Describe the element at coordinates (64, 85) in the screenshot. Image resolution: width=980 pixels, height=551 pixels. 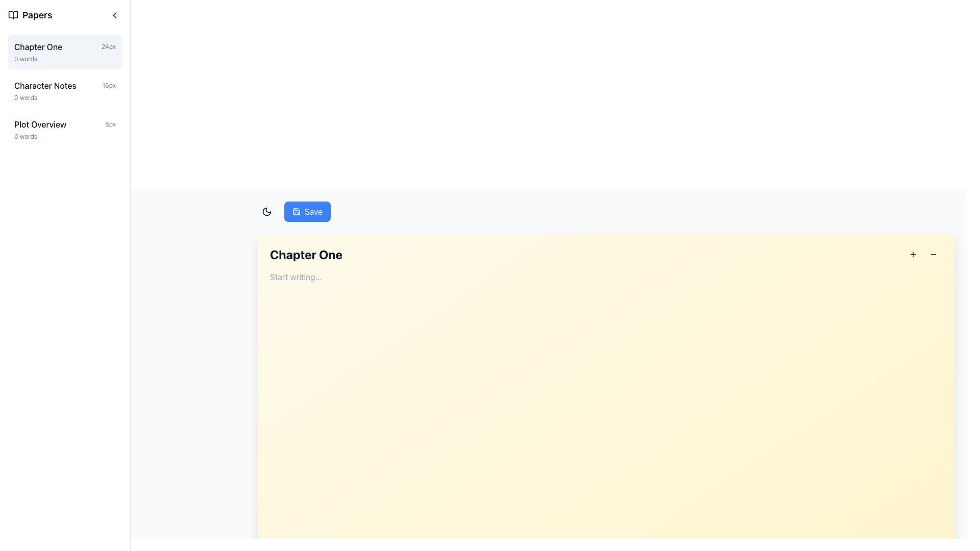
I see `the 'Character Notes' element in the left sidebar, which is the second item below 'Chapter One' and above 'Plot Overview'` at that location.